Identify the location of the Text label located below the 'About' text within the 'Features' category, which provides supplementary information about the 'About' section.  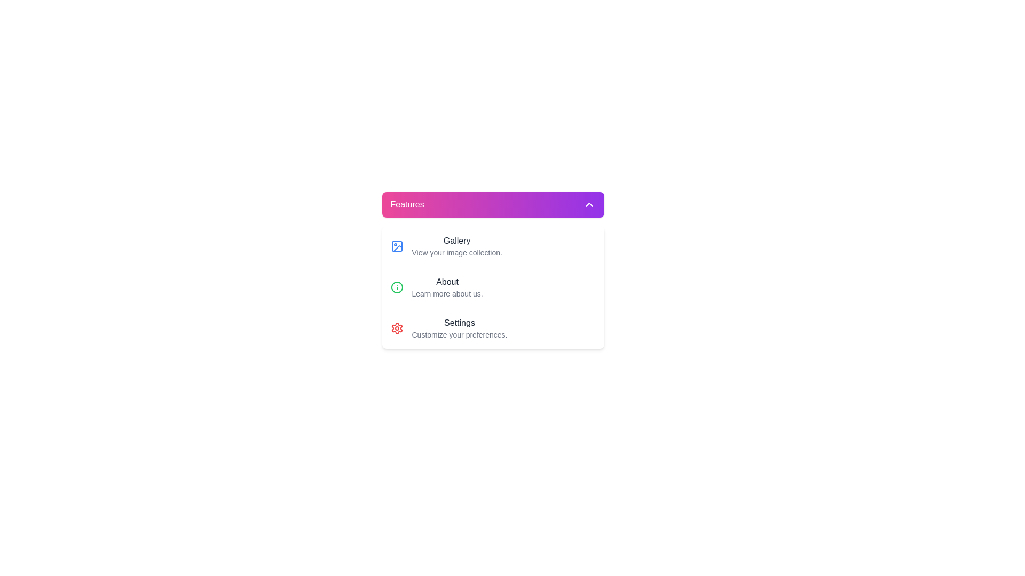
(447, 294).